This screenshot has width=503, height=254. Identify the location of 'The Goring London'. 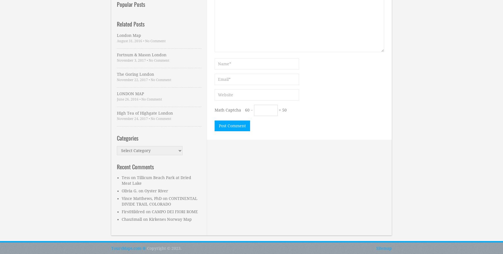
(116, 74).